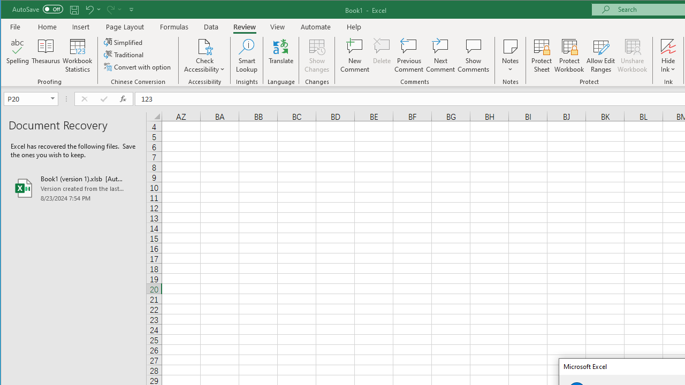  What do you see at coordinates (138, 67) in the screenshot?
I see `'Convert with option'` at bounding box center [138, 67].